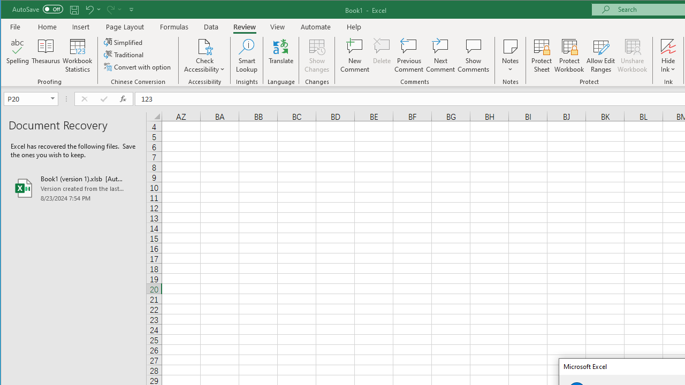  What do you see at coordinates (138, 67) in the screenshot?
I see `'Convert with option'` at bounding box center [138, 67].